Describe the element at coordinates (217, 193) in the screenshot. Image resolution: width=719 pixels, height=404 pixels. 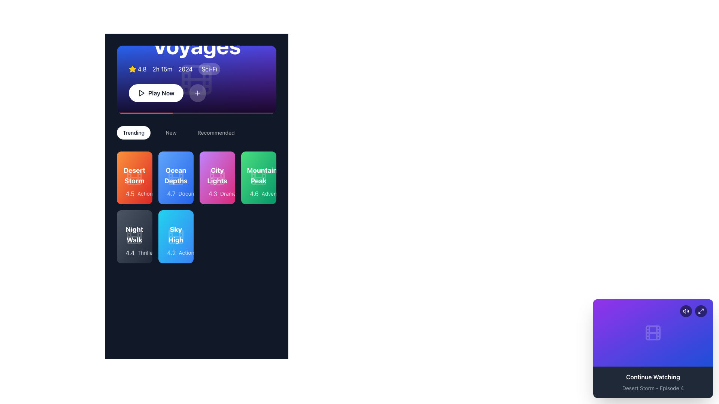
I see `the text '4.3 Drama' with a star icon located in the 'City Lights' tile, positioned beneath the title 'City Lights'` at that location.